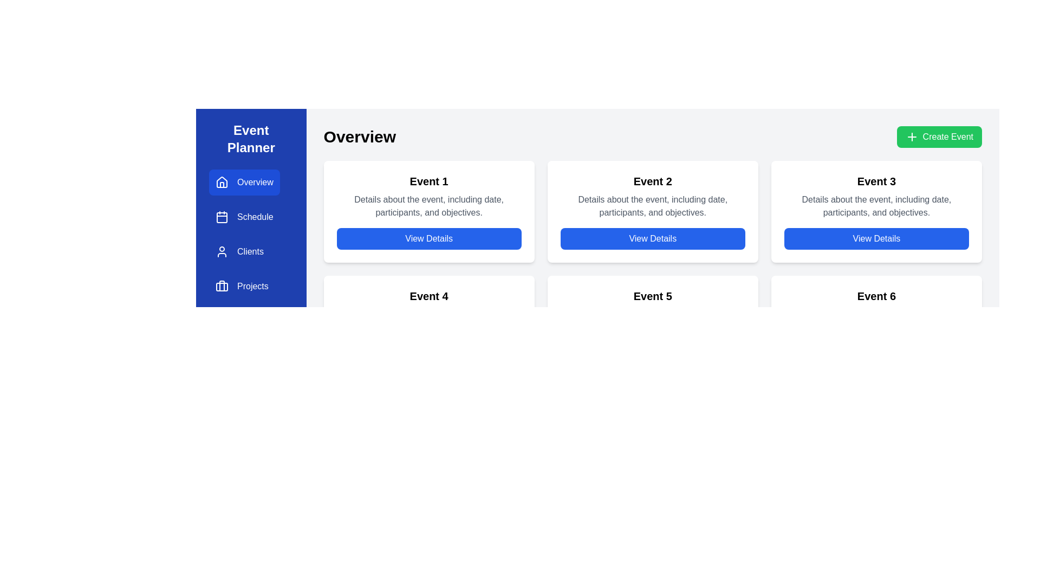 This screenshot has height=585, width=1040. What do you see at coordinates (652, 238) in the screenshot?
I see `the 'View Details' button, which is a rectangular button with rounded corners, blue background, and white text, located within the 'Event 2' section` at bounding box center [652, 238].